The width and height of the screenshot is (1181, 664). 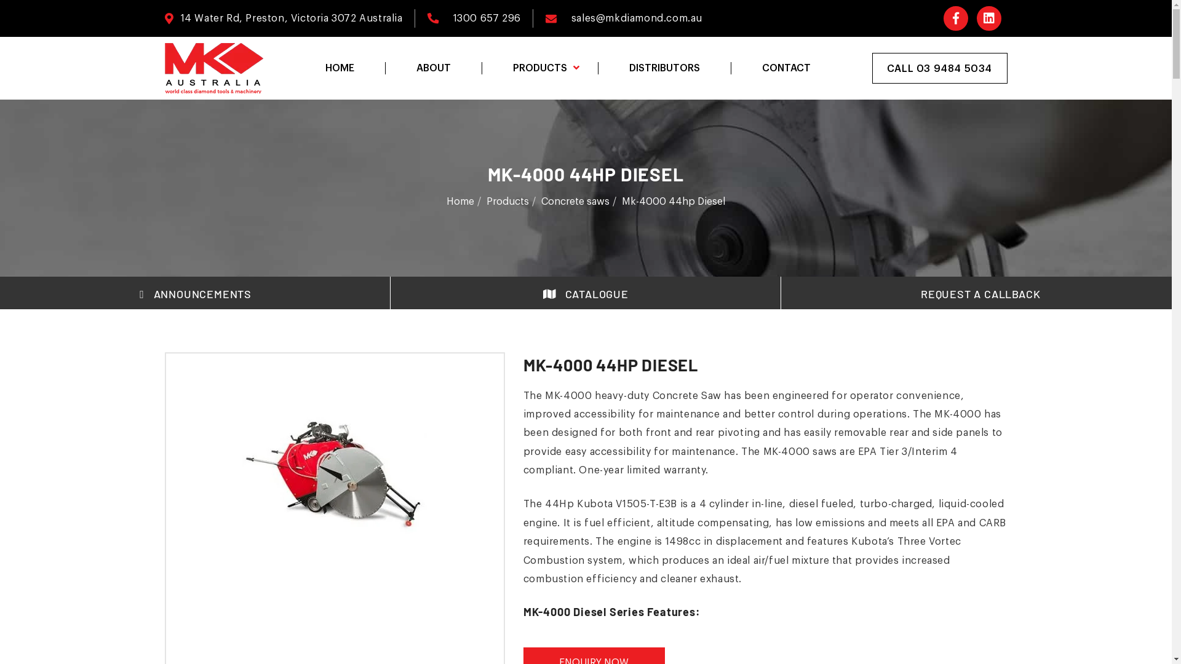 I want to click on '1300 657 296', so click(x=486, y=18).